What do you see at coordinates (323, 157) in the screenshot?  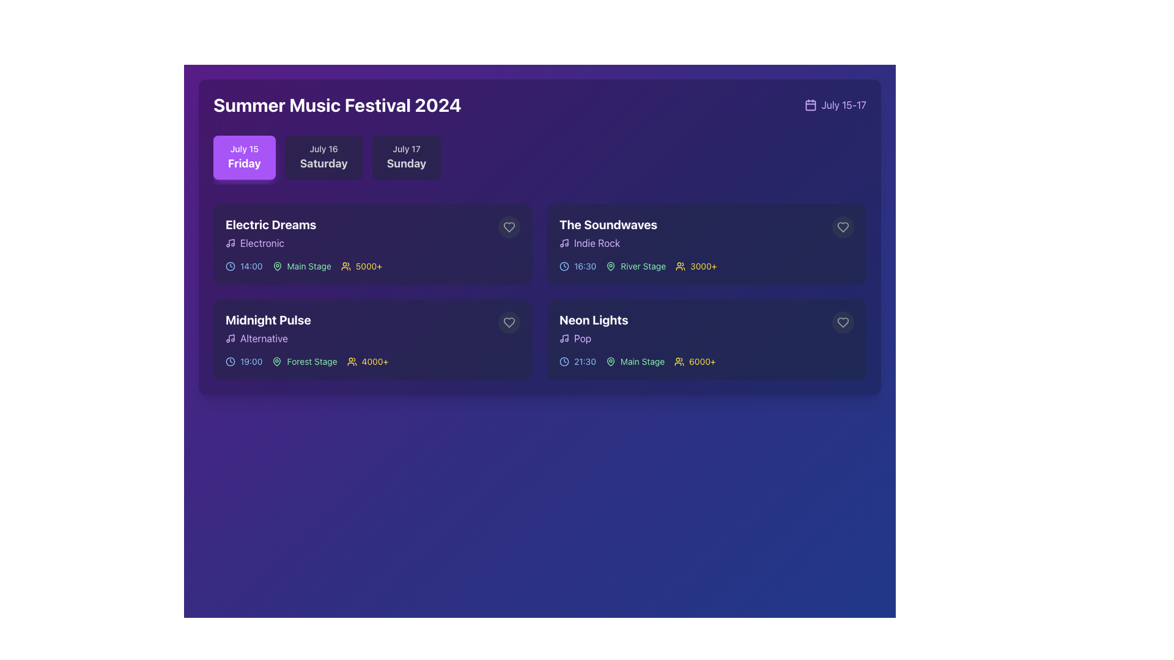 I see `the date selector button for Saturday, July 16, which is the second button in a horizontal list of three date buttons` at bounding box center [323, 157].